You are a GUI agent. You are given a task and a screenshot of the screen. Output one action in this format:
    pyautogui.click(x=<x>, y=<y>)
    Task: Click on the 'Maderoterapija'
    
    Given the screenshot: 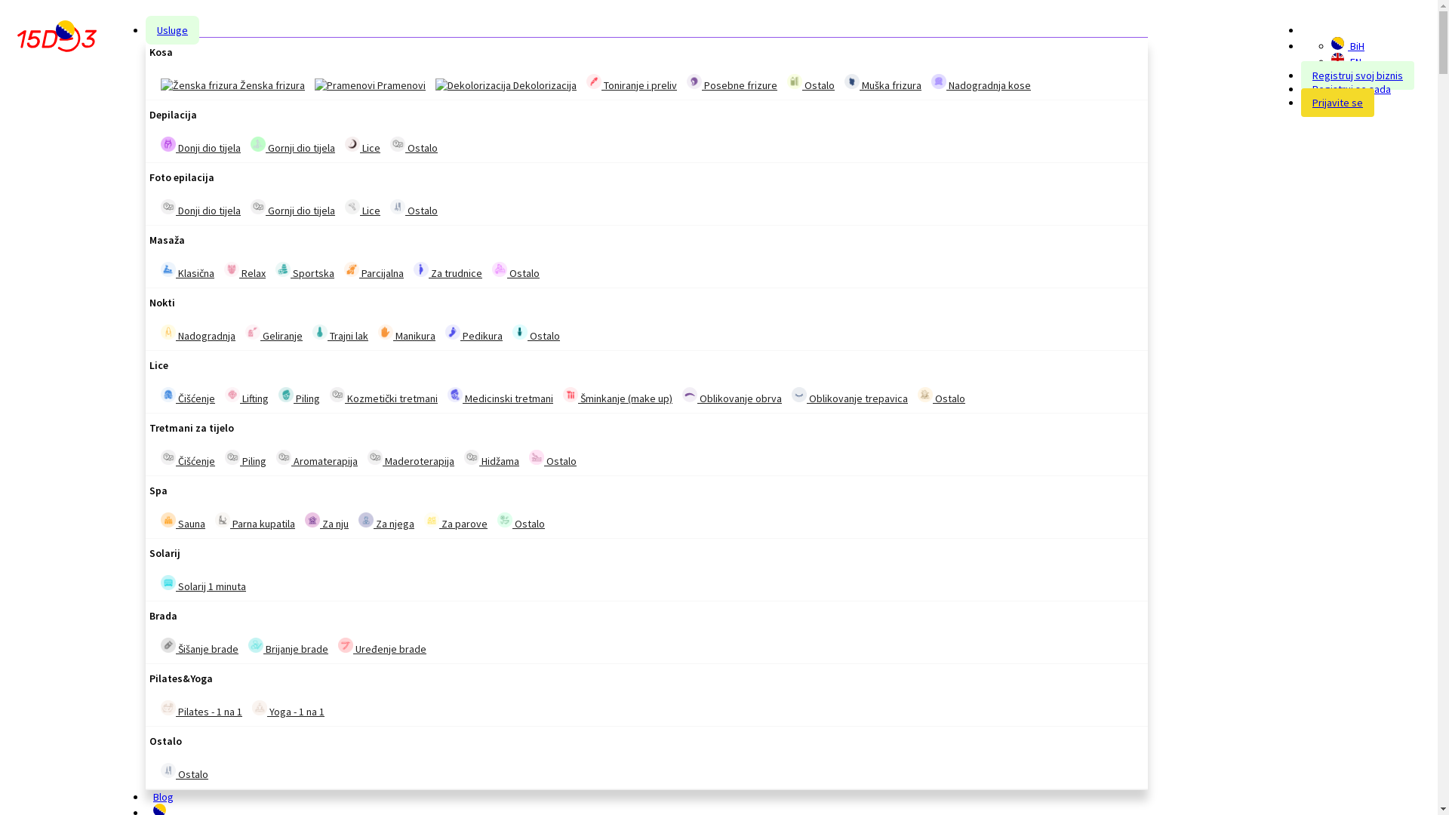 What is the action you would take?
    pyautogui.click(x=411, y=458)
    